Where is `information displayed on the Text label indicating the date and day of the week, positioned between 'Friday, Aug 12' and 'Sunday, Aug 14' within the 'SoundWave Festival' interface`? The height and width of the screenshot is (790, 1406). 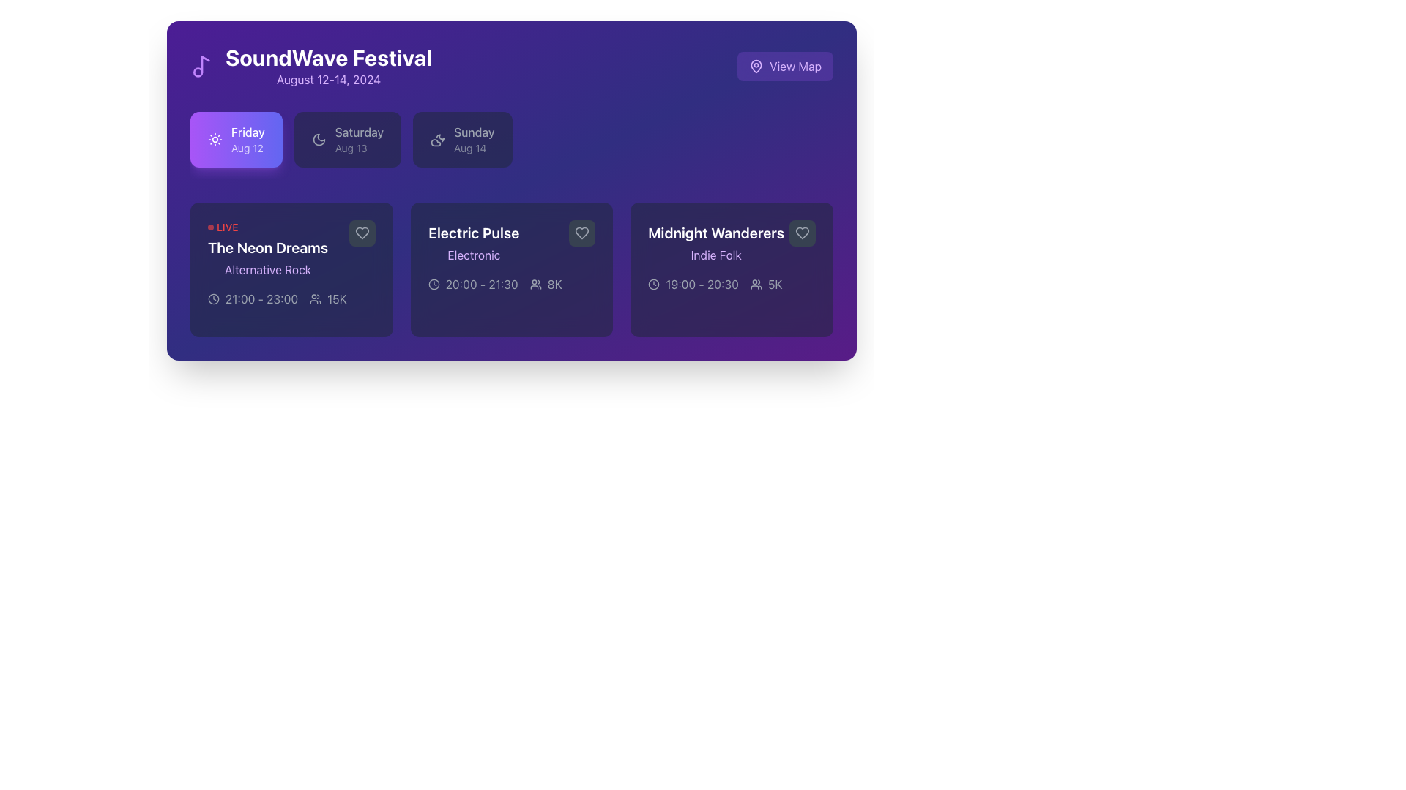 information displayed on the Text label indicating the date and day of the week, positioned between 'Friday, Aug 12' and 'Sunday, Aug 14' within the 'SoundWave Festival' interface is located at coordinates (359, 140).